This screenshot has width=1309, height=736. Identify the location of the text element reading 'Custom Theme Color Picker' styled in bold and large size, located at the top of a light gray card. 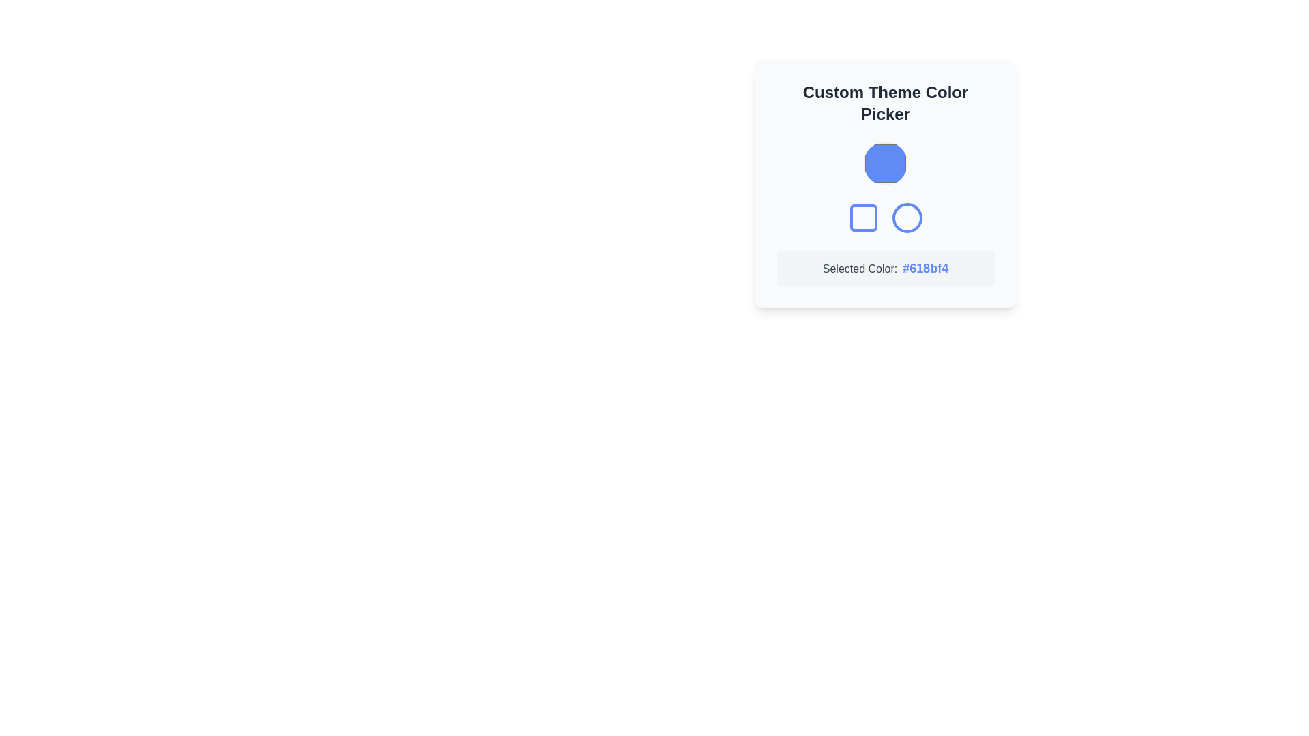
(886, 102).